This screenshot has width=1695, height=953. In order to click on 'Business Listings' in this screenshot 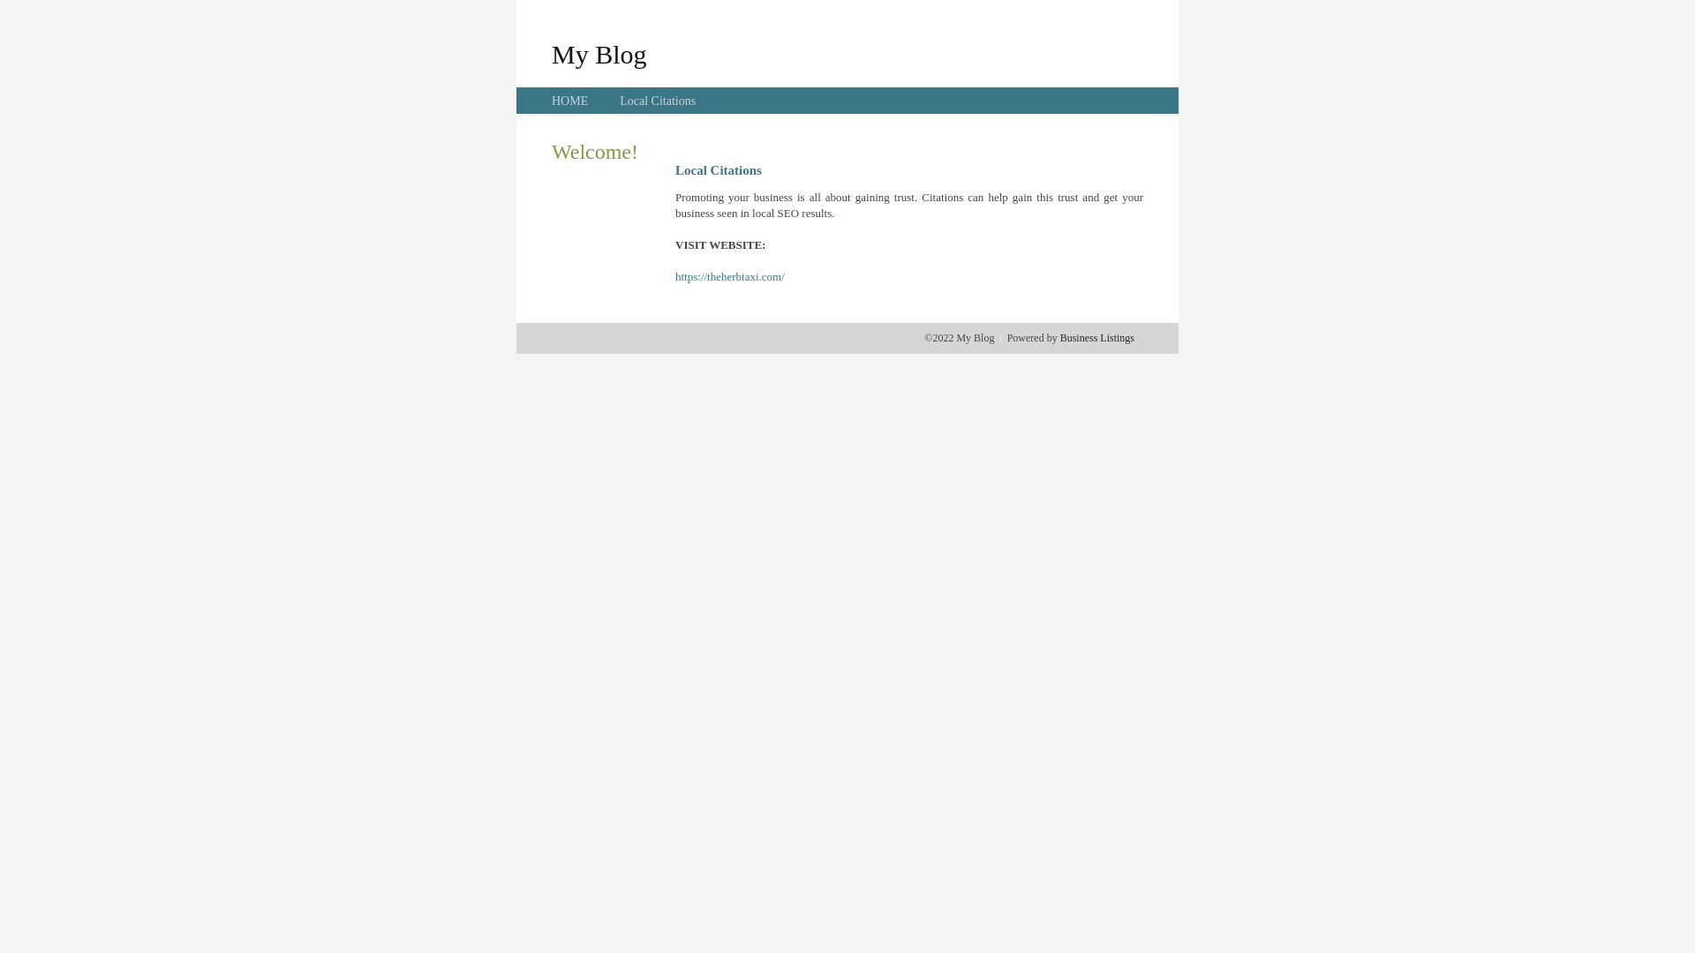, I will do `click(1096, 337)`.